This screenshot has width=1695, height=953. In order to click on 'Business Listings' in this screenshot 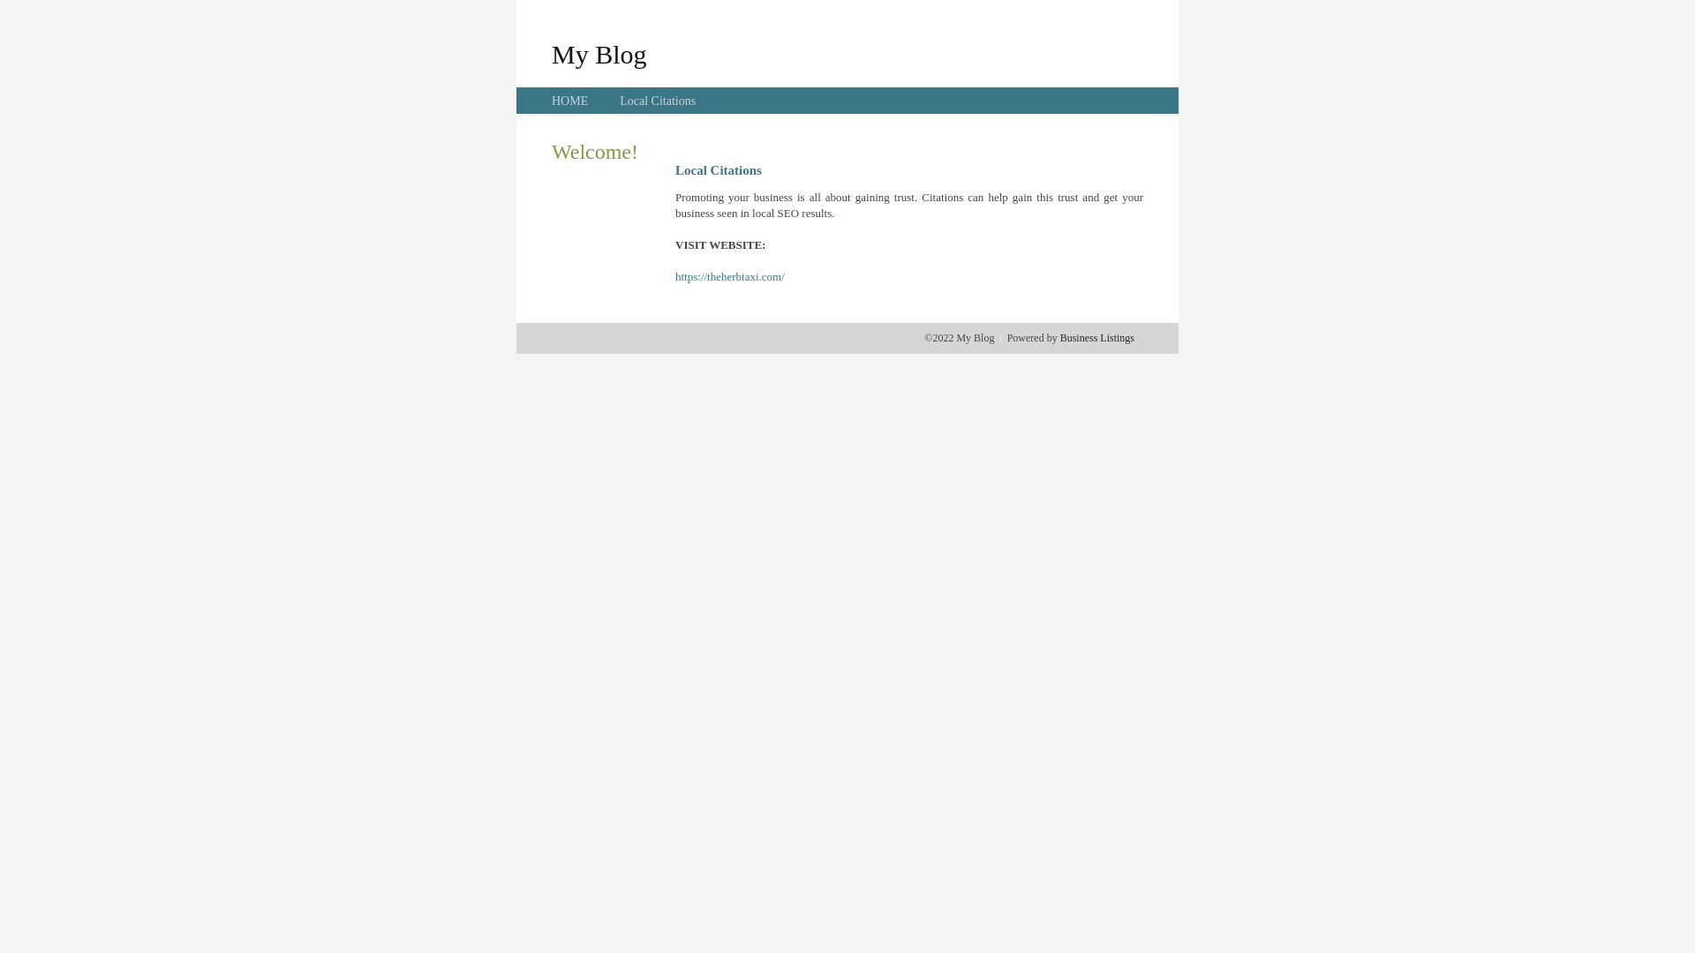, I will do `click(1096, 337)`.